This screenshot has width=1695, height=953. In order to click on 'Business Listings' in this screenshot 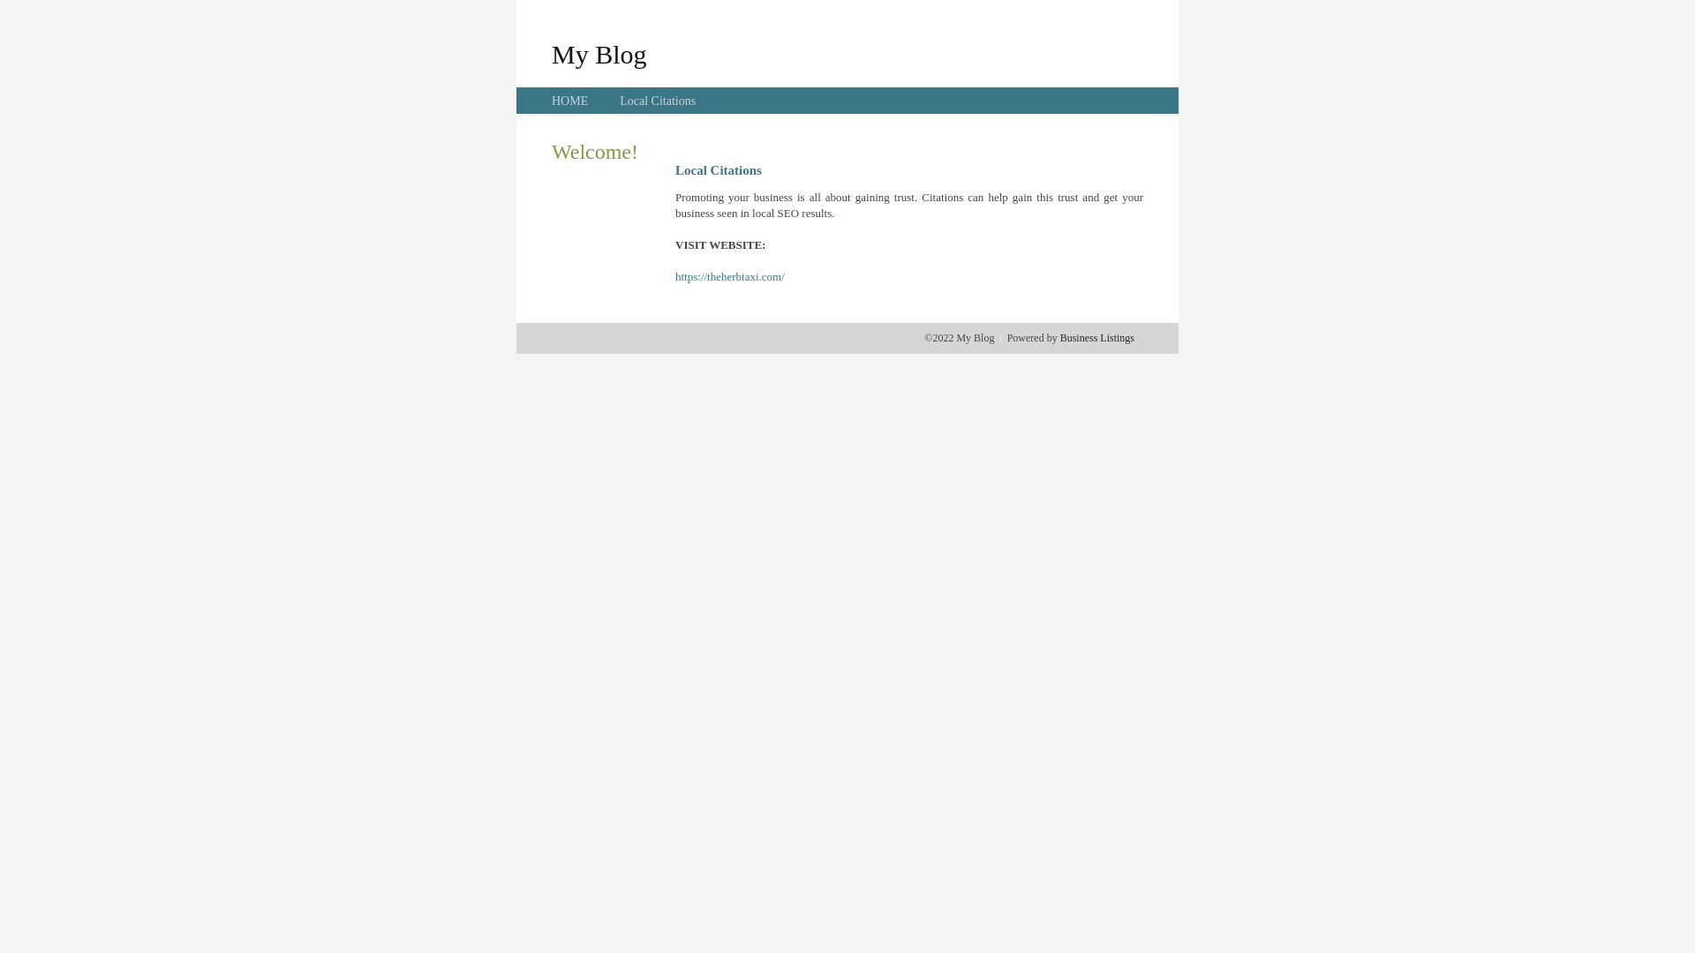, I will do `click(1096, 337)`.